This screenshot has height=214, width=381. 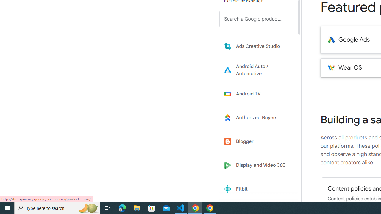 I want to click on 'Search a Google product from below list.', so click(x=252, y=19).